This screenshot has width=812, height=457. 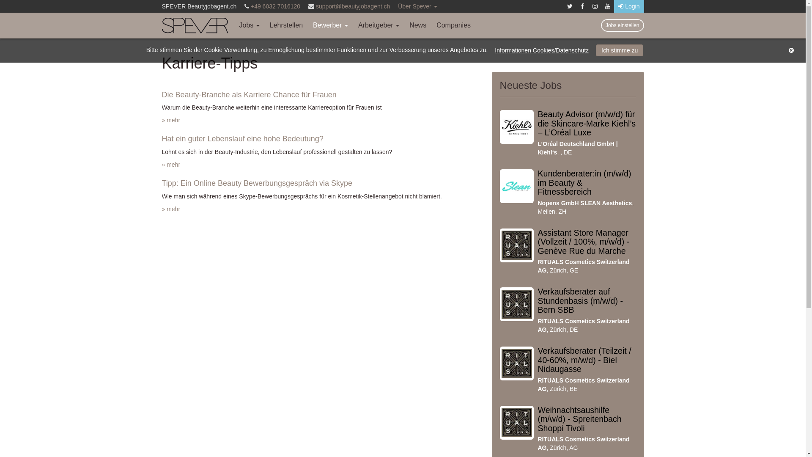 I want to click on 'Jobs einstellen', so click(x=622, y=25).